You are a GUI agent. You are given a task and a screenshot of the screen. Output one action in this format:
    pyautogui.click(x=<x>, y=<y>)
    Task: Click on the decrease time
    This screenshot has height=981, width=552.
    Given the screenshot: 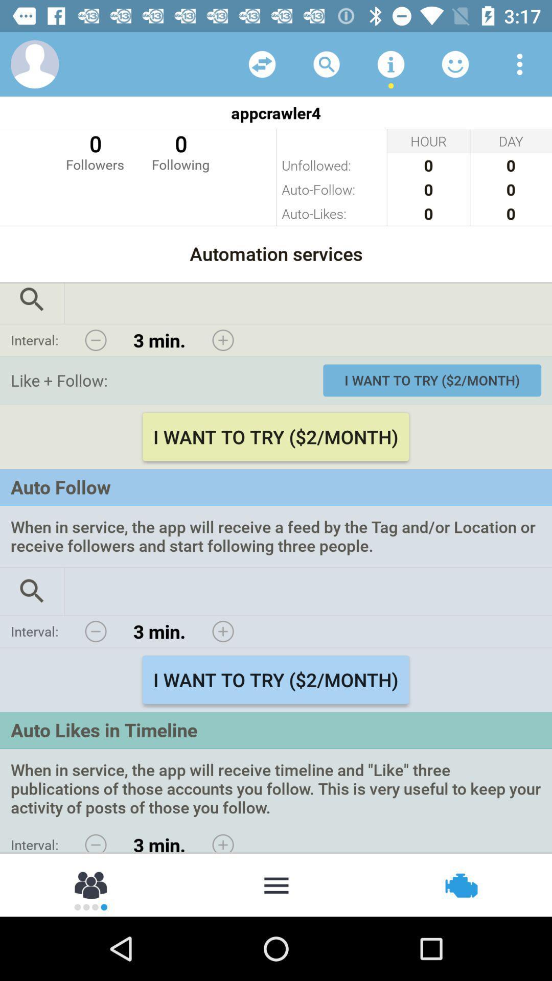 What is the action you would take?
    pyautogui.click(x=96, y=340)
    